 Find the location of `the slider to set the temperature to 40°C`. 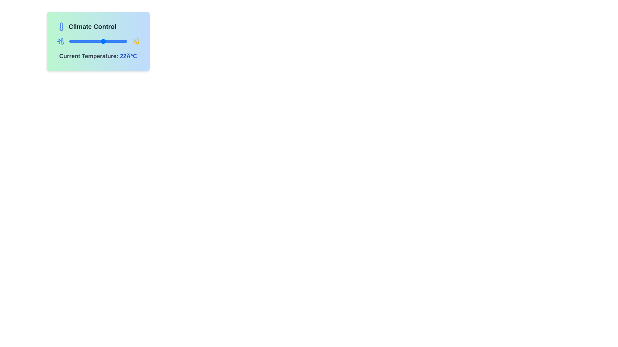

the slider to set the temperature to 40°C is located at coordinates (119, 41).